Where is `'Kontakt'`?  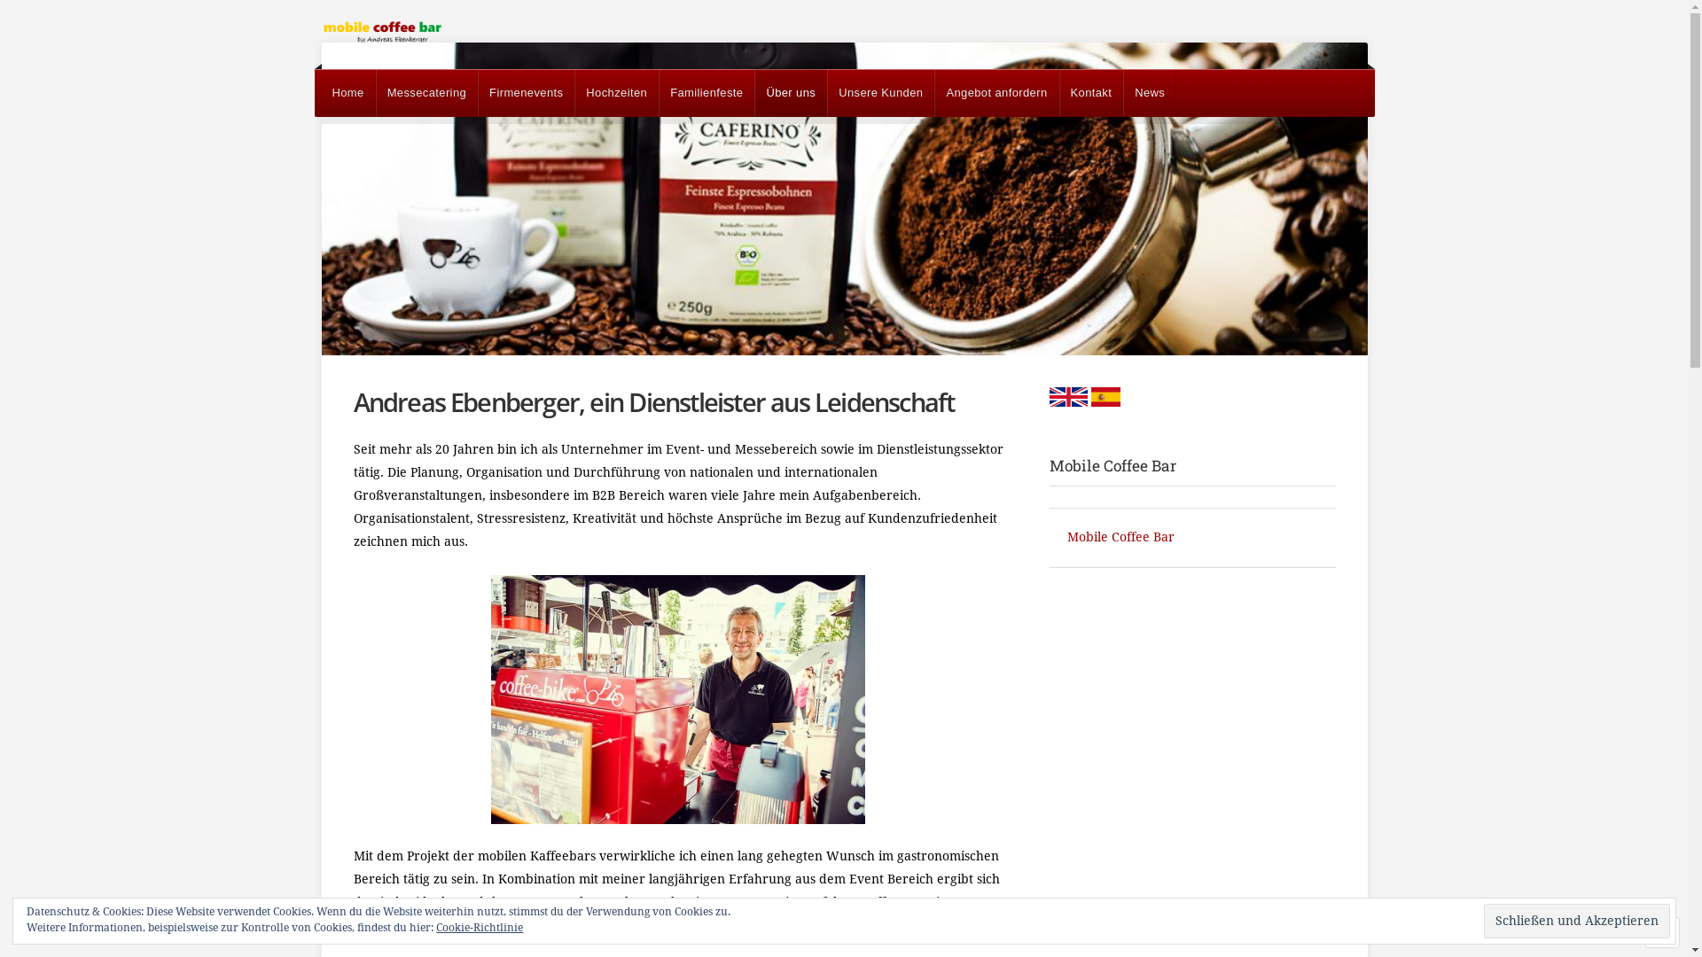
'Kontakt' is located at coordinates (1059, 92).